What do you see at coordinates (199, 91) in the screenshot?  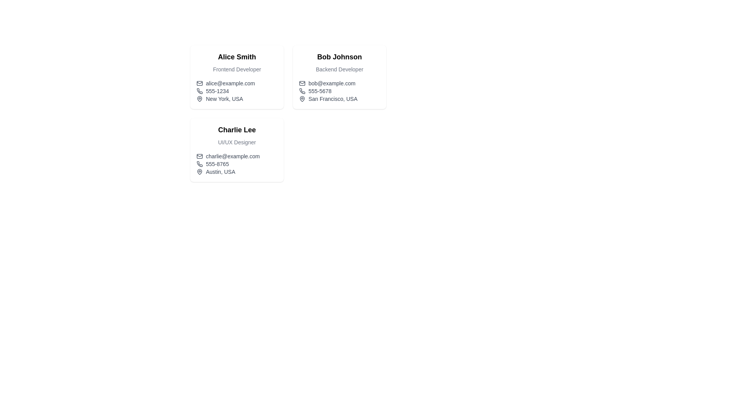 I see `the phone icon, which is an outline design with a curved receiver, located to the left of the '555-1234' text block in the top-left card of Alice Smith's contact details` at bounding box center [199, 91].